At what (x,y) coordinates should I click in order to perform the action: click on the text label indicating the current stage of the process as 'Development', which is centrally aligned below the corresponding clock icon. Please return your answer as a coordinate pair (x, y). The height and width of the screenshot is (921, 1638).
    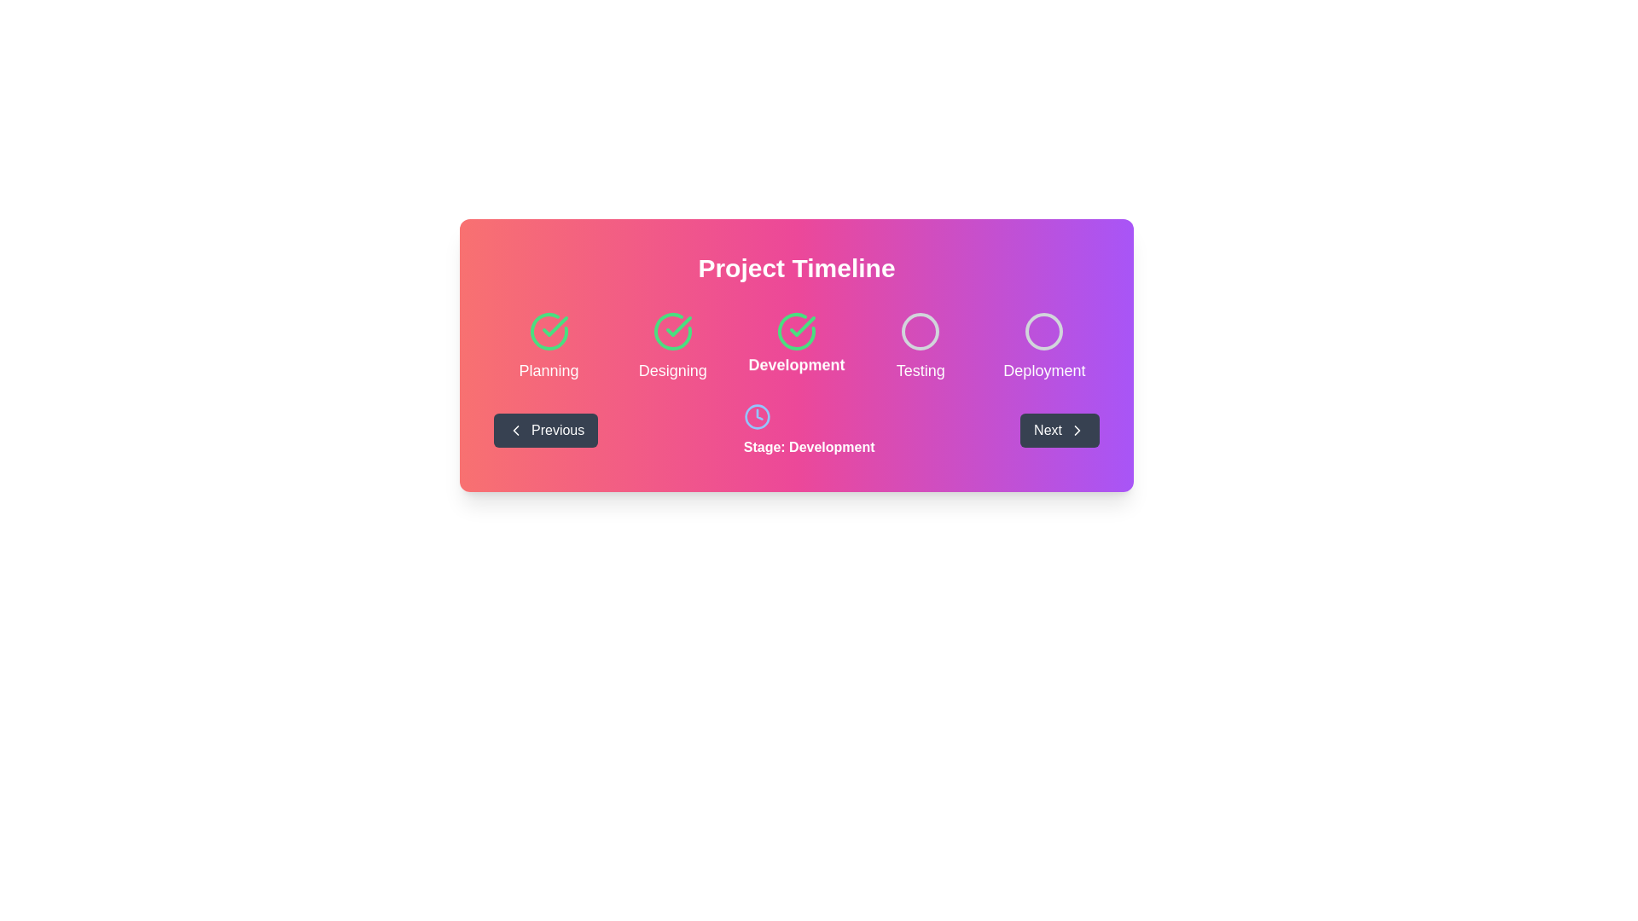
    Looking at the image, I should click on (808, 446).